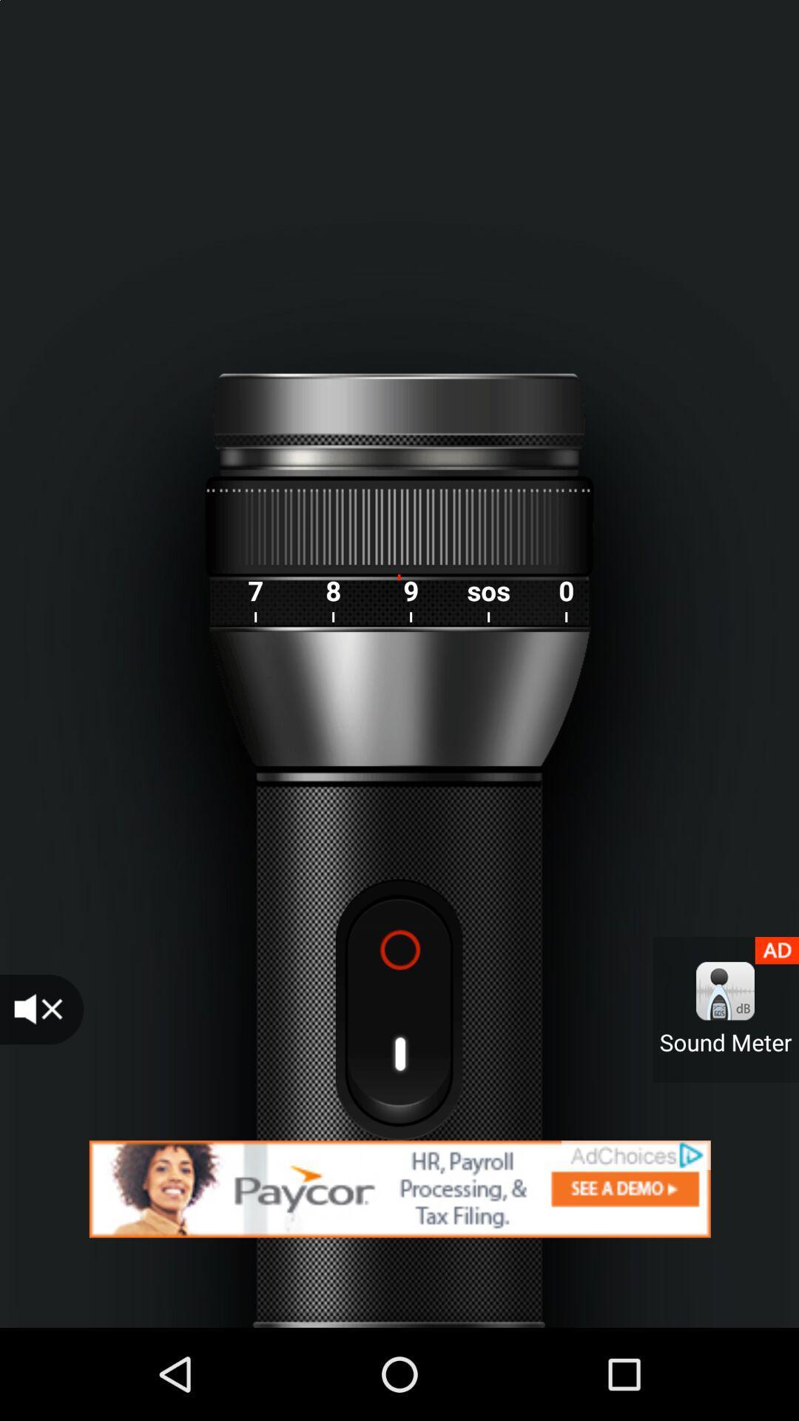 Image resolution: width=799 pixels, height=1421 pixels. Describe the element at coordinates (398, 1009) in the screenshot. I see `record` at that location.